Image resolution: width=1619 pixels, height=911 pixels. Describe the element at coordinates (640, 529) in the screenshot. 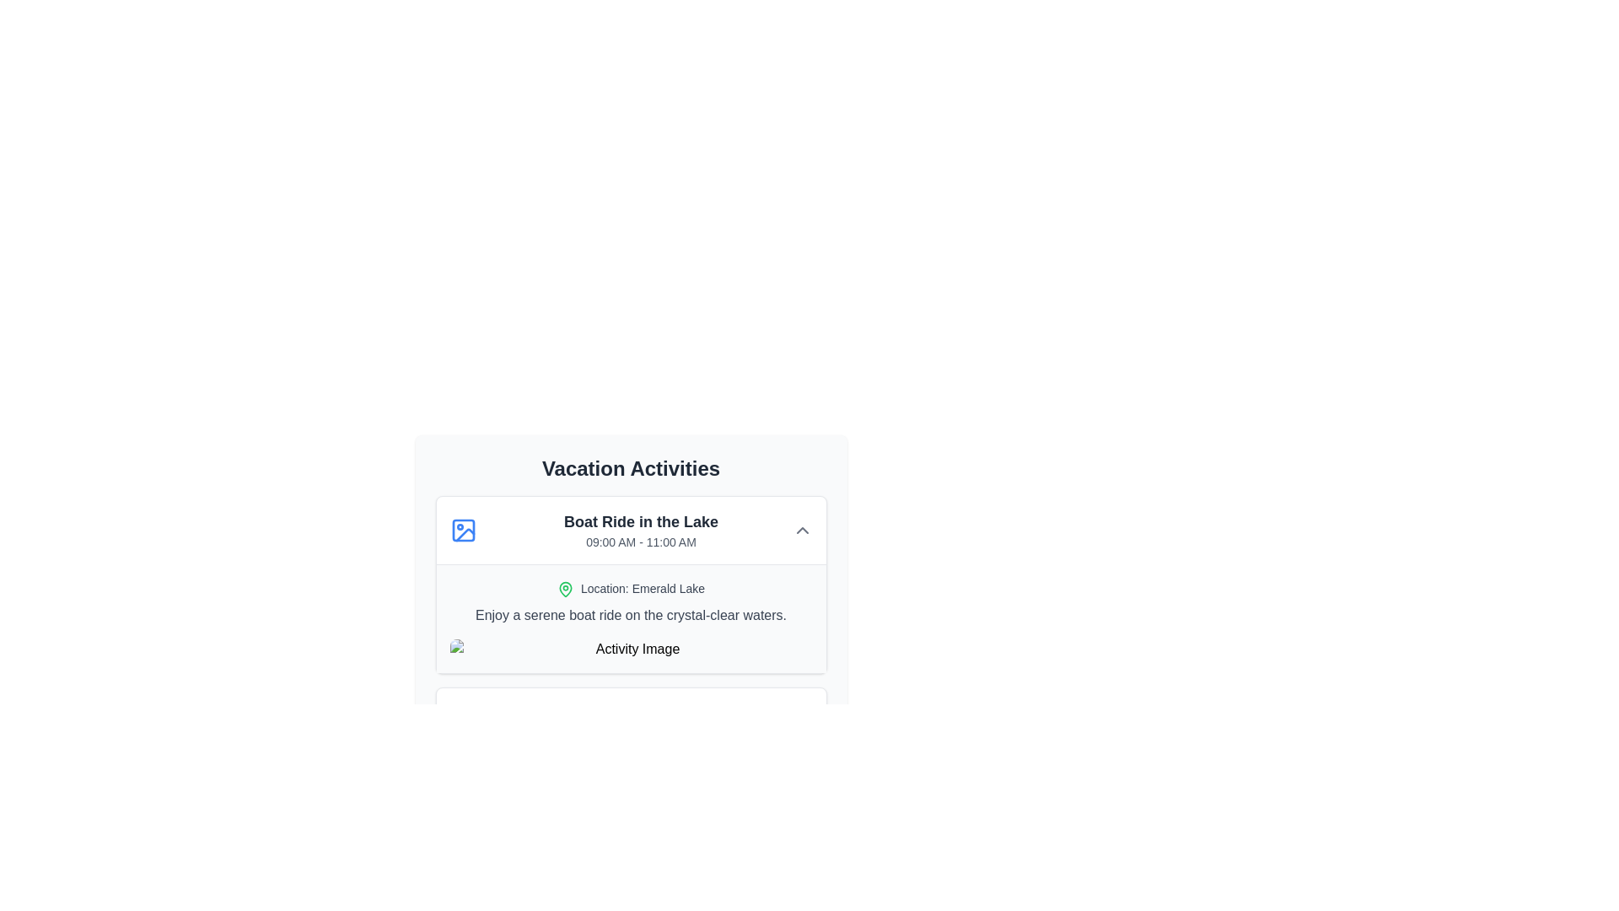

I see `the text block titled 'Boat Ride in the Lake' to read its content` at that location.